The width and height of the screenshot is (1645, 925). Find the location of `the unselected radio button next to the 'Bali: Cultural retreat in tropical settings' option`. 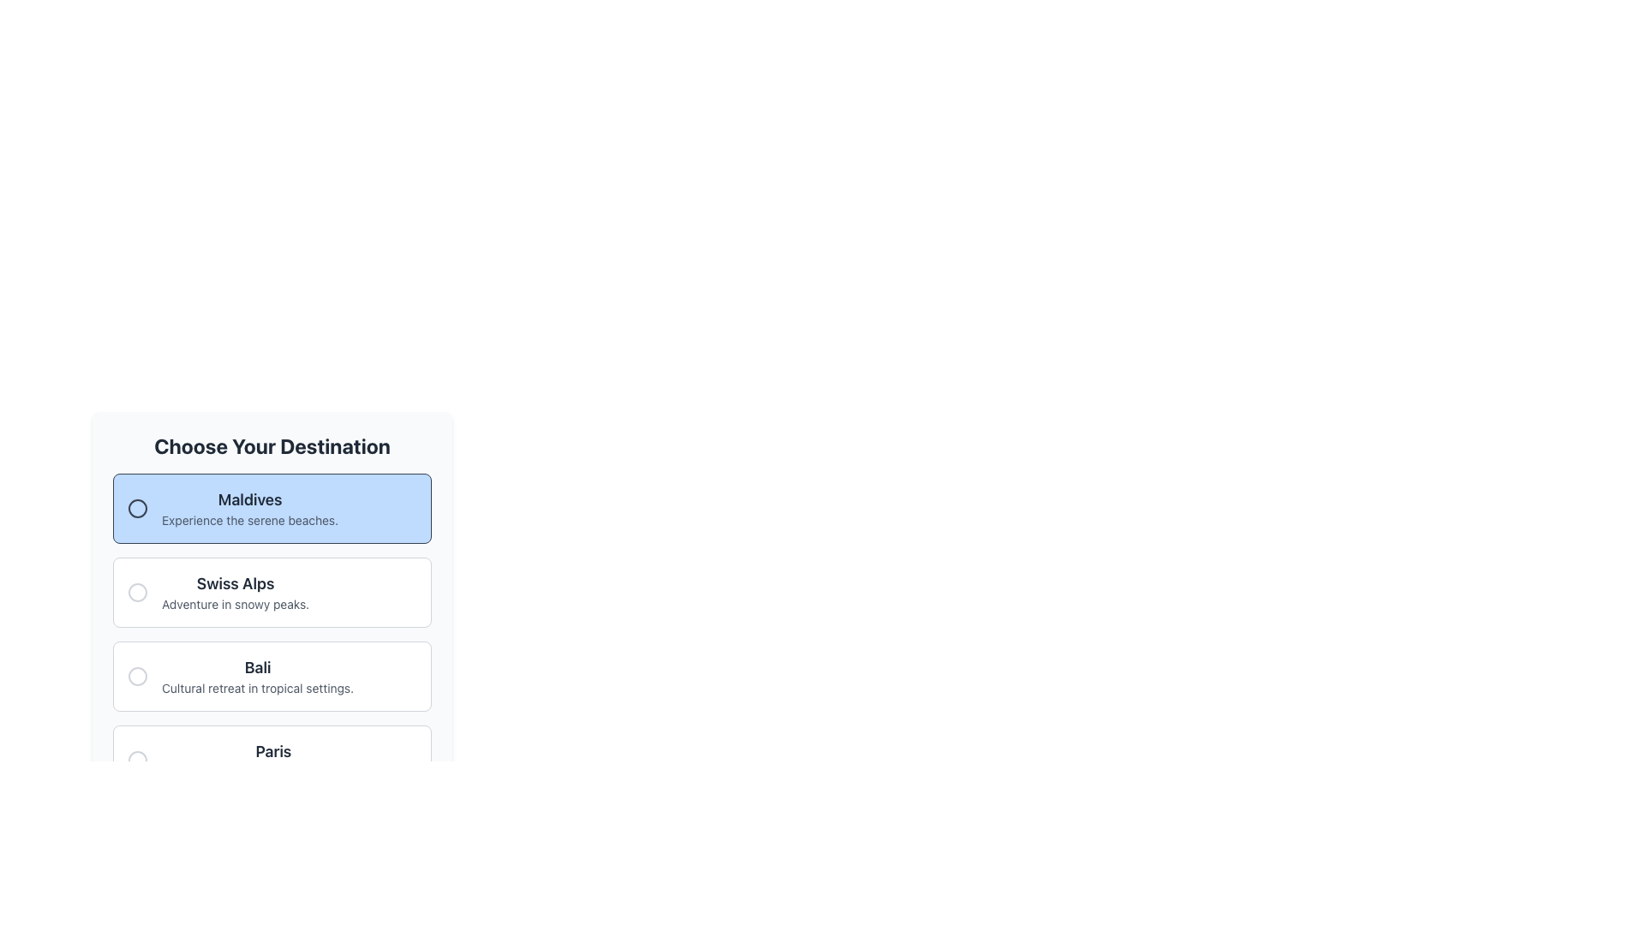

the unselected radio button next to the 'Bali: Cultural retreat in tropical settings' option is located at coordinates (138, 676).